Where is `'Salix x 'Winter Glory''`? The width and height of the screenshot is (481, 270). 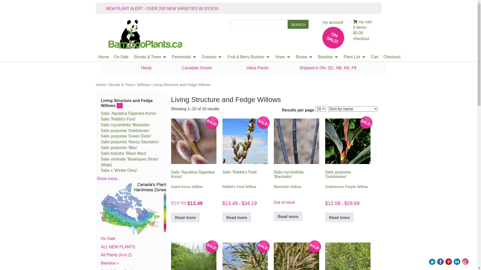 'Salix x 'Winter Glory'' is located at coordinates (119, 170).